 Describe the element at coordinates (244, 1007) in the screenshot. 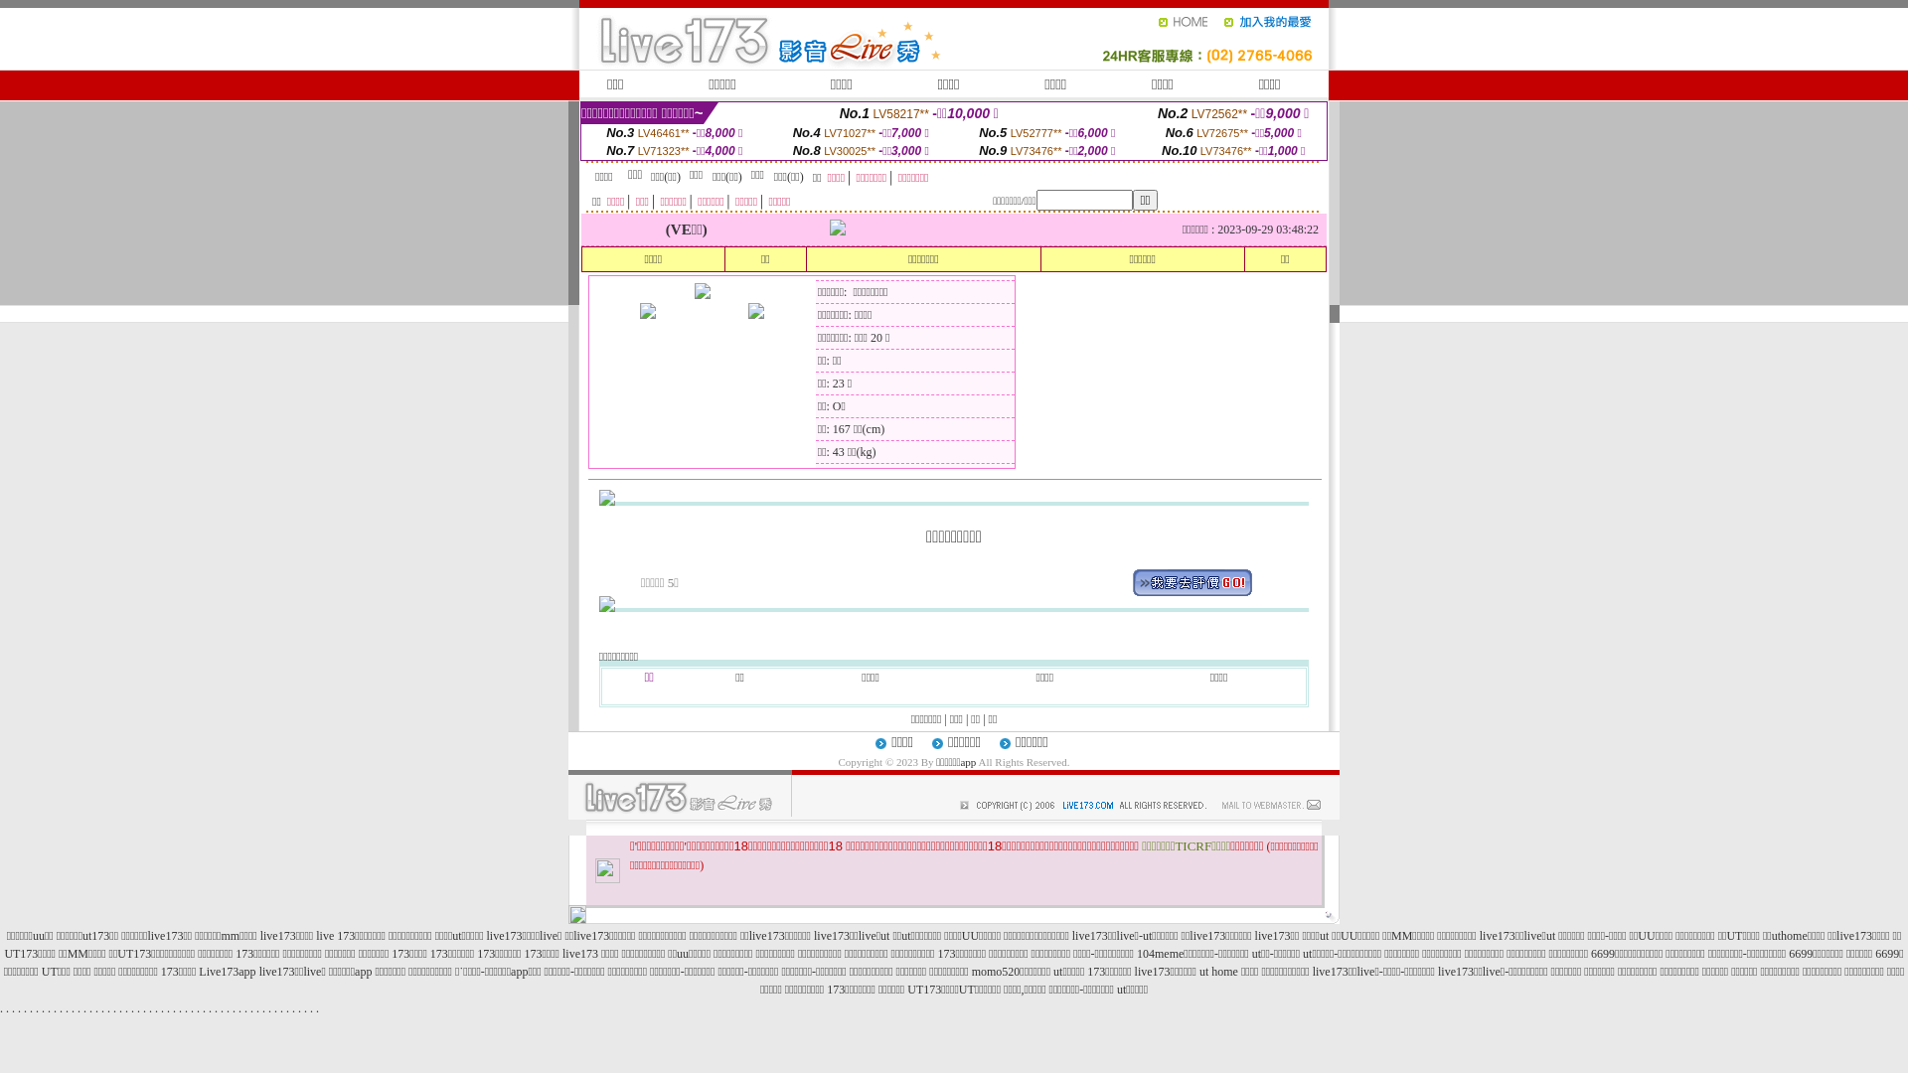

I see `'.'` at that location.